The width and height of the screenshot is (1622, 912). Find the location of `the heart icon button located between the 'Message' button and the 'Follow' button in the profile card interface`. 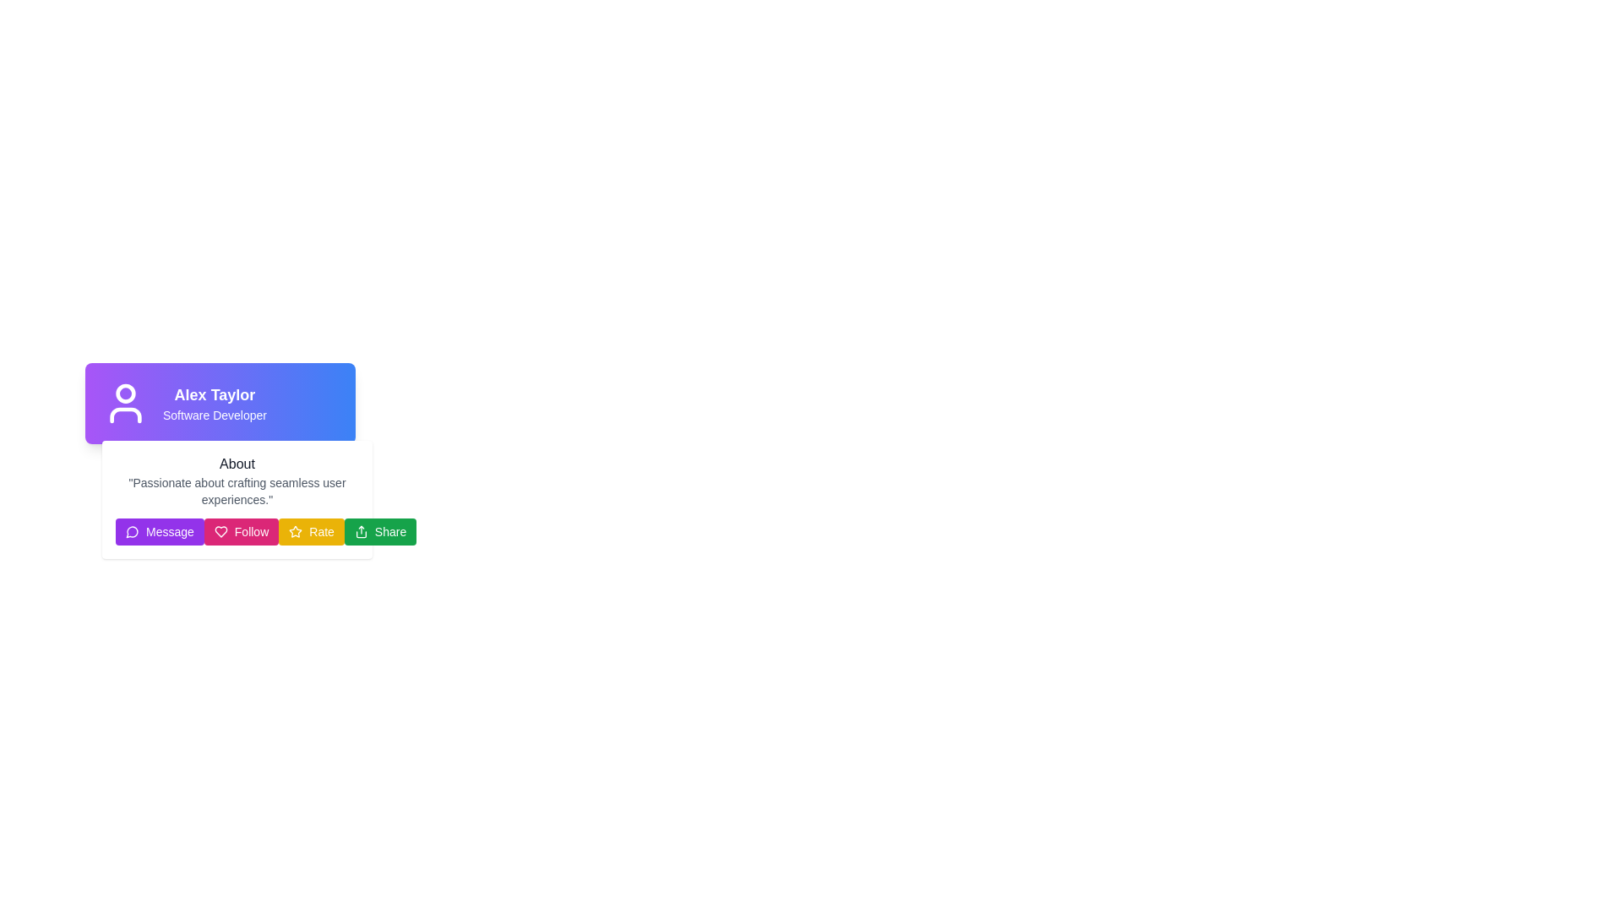

the heart icon button located between the 'Message' button and the 'Follow' button in the profile card interface is located at coordinates (220, 530).